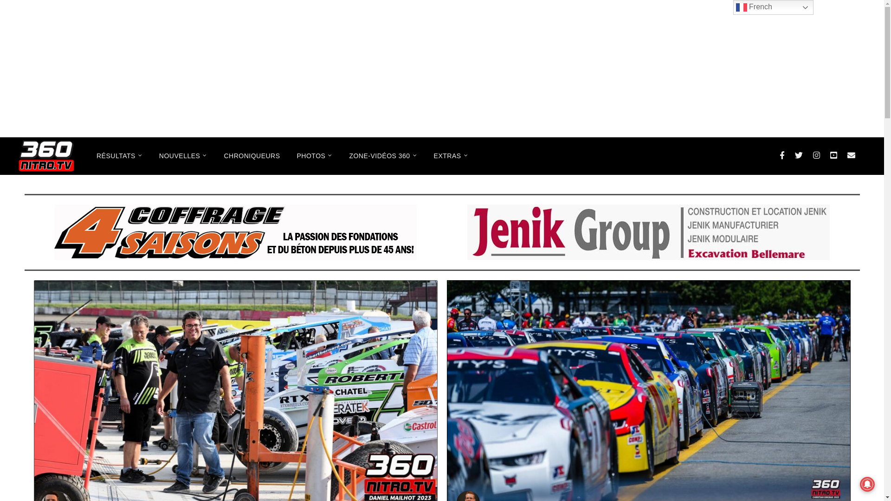 This screenshot has height=501, width=891. What do you see at coordinates (842, 155) in the screenshot?
I see `'Email'` at bounding box center [842, 155].